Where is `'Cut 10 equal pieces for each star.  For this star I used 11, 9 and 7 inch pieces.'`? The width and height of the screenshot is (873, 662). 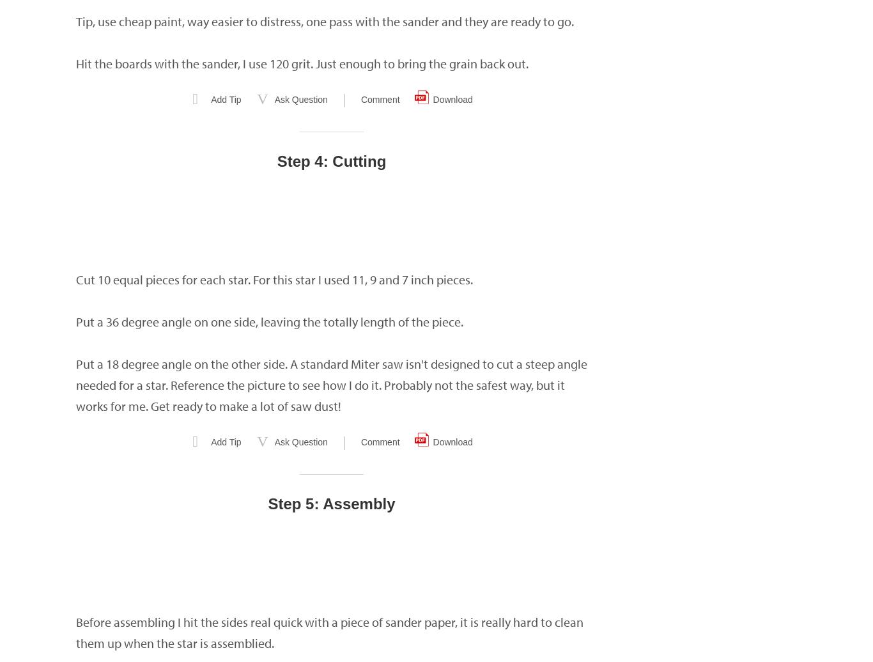
'Cut 10 equal pieces for each star.  For this star I used 11, 9 and 7 inch pieces.' is located at coordinates (274, 279).